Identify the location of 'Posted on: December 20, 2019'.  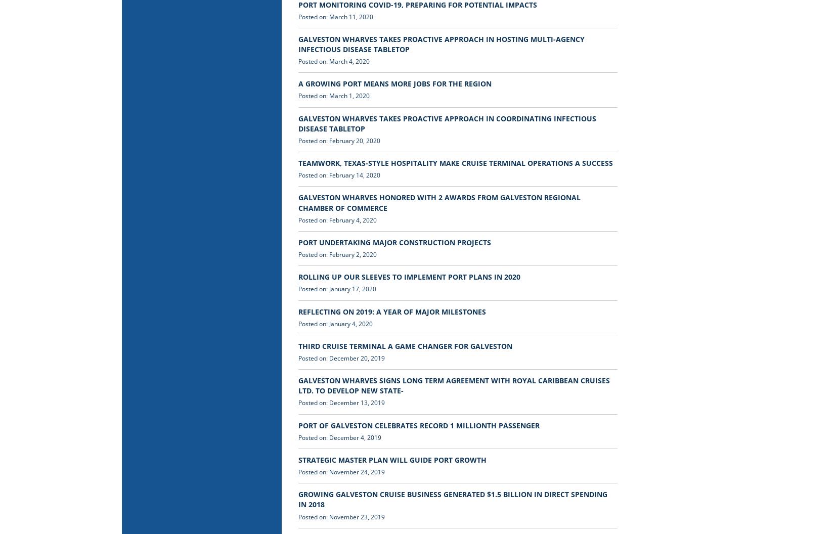
(341, 358).